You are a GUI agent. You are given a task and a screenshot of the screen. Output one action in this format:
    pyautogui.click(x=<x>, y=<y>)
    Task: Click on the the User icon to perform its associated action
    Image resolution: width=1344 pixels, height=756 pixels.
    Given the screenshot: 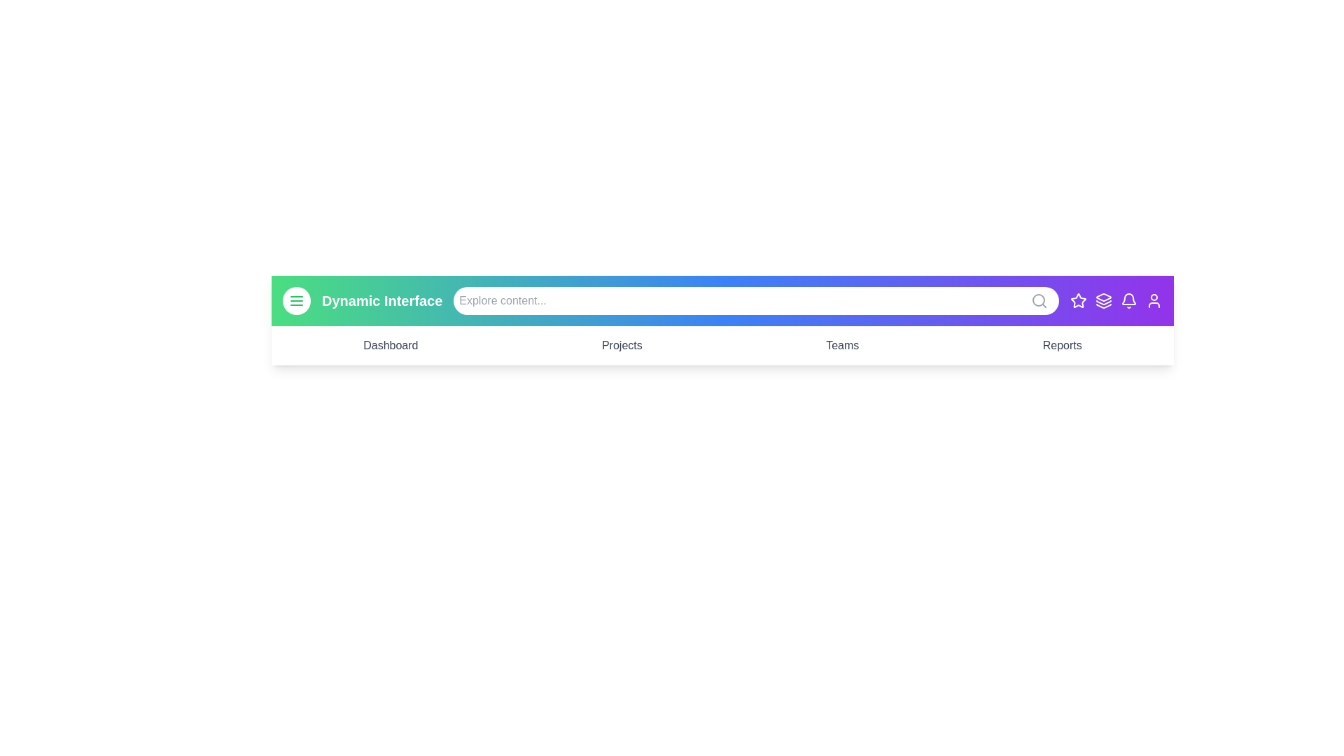 What is the action you would take?
    pyautogui.click(x=1154, y=300)
    